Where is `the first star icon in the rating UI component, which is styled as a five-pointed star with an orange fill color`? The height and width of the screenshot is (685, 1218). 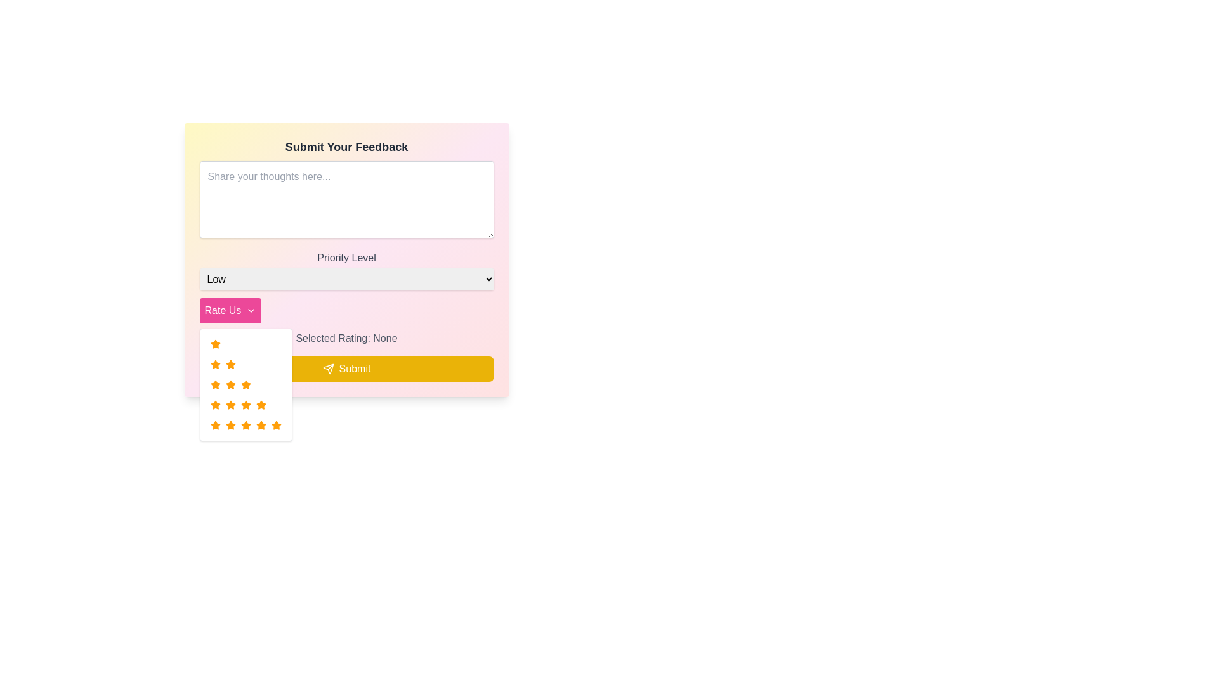 the first star icon in the rating UI component, which is styled as a five-pointed star with an orange fill color is located at coordinates (215, 425).